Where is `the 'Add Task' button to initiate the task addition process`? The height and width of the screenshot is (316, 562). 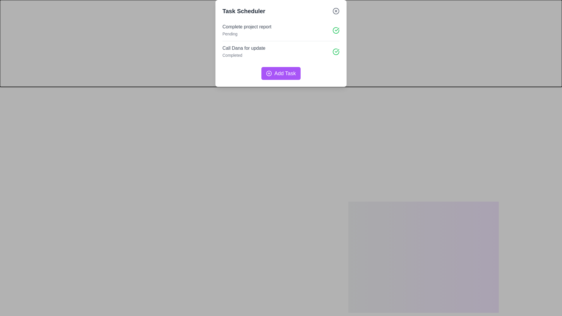
the 'Add Task' button to initiate the task addition process is located at coordinates (423, 253).